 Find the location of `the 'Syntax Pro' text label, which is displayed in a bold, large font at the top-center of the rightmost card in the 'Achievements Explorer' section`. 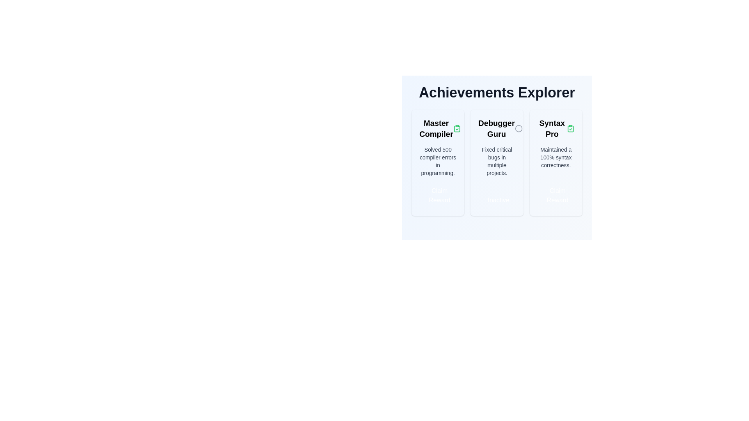

the 'Syntax Pro' text label, which is displayed in a bold, large font at the top-center of the rightmost card in the 'Achievements Explorer' section is located at coordinates (552, 128).